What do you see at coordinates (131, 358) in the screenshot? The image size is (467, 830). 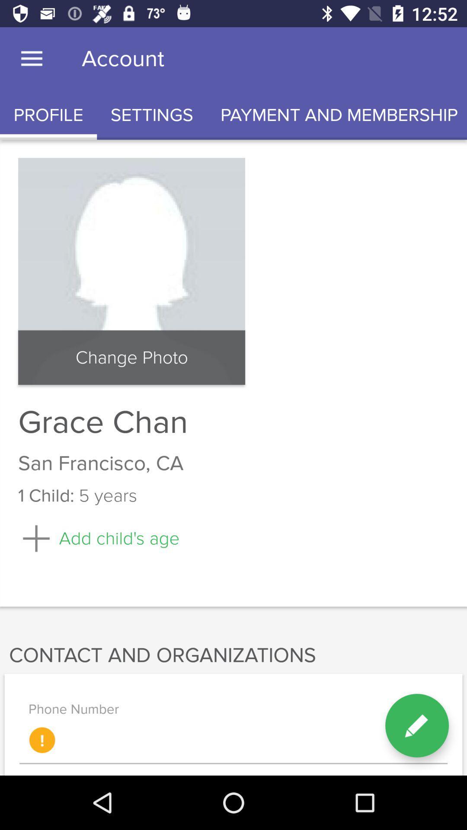 I see `change photo` at bounding box center [131, 358].